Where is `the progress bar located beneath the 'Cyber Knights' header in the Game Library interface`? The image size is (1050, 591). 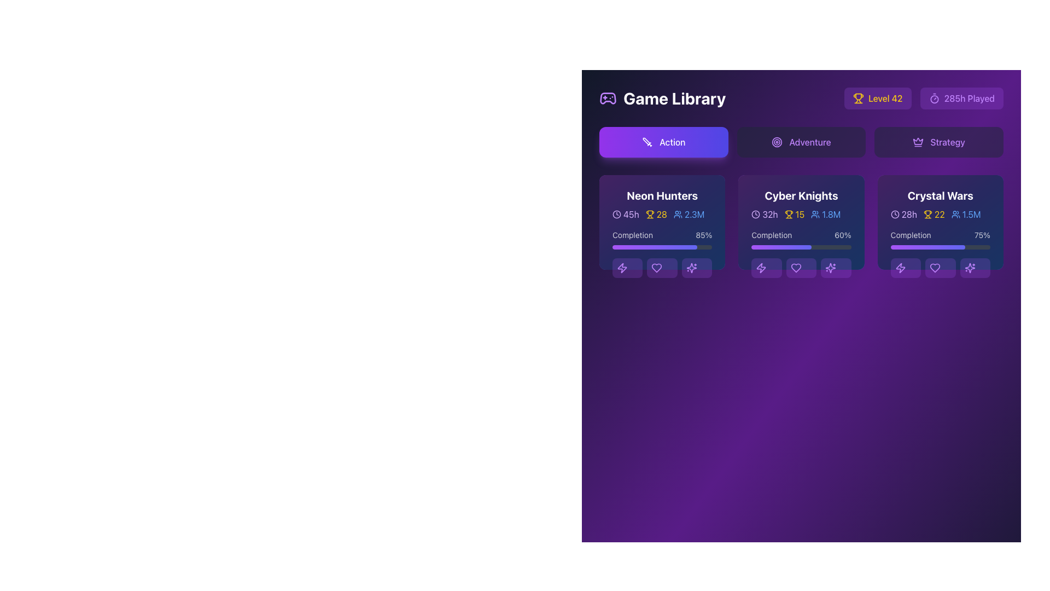
the progress bar located beneath the 'Cyber Knights' header in the Game Library interface is located at coordinates (801, 253).